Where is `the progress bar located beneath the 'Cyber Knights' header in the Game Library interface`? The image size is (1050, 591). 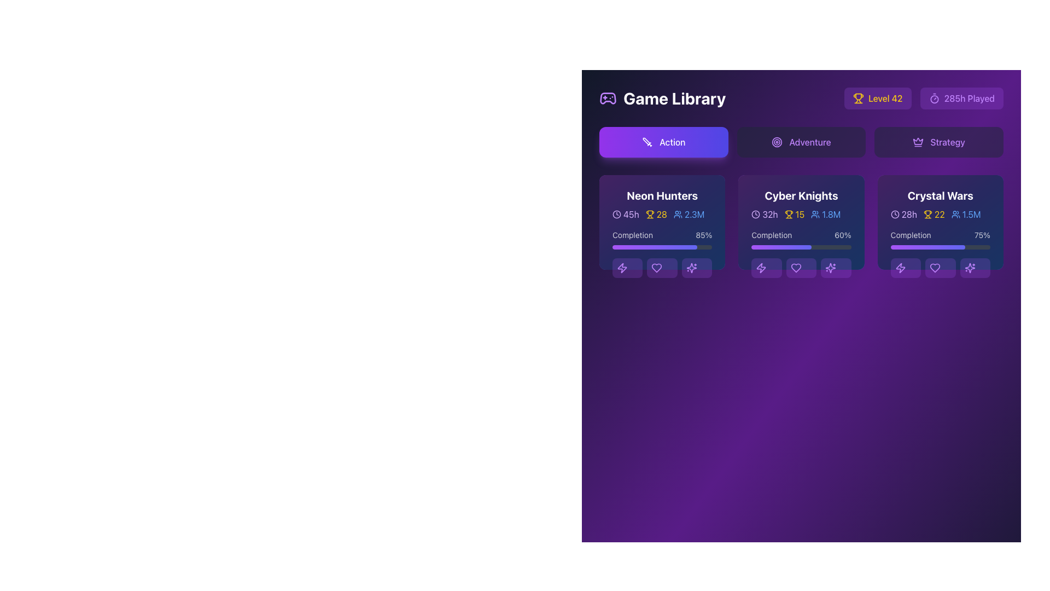
the progress bar located beneath the 'Cyber Knights' header in the Game Library interface is located at coordinates (801, 253).